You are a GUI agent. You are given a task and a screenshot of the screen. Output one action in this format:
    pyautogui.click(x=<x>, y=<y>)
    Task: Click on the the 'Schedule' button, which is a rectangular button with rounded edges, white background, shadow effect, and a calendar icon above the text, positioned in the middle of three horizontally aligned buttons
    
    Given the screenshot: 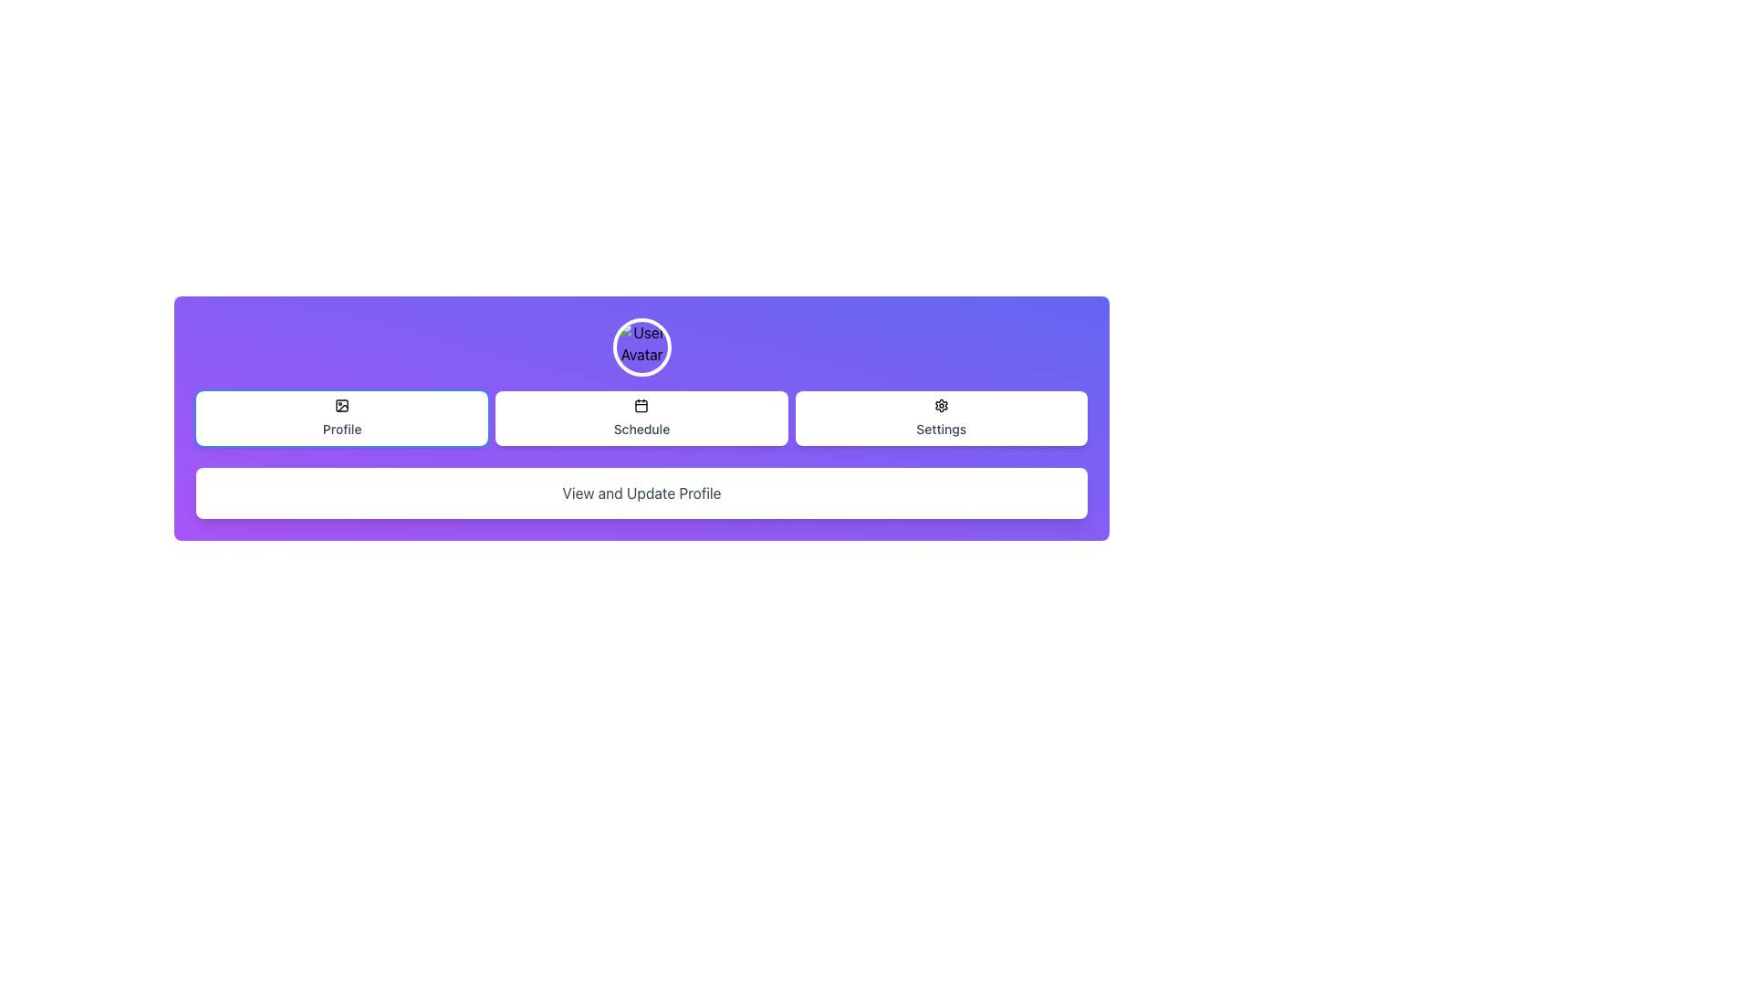 What is the action you would take?
    pyautogui.click(x=641, y=419)
    